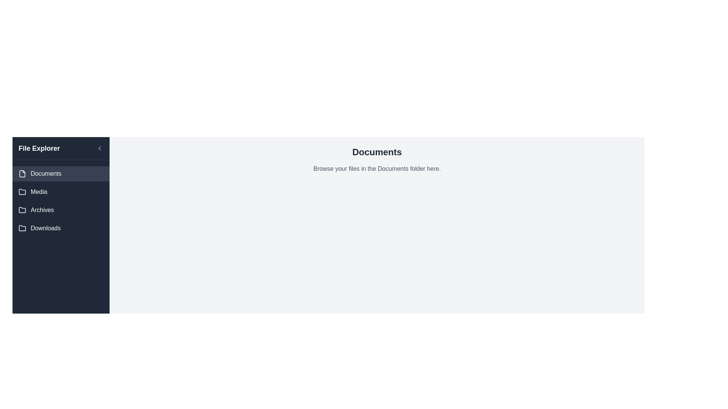  What do you see at coordinates (99, 148) in the screenshot?
I see `the small triangular arrow icon pointing to the left, which is located near the top left of the sidebar, adjacent to the 'File Explorer' label` at bounding box center [99, 148].